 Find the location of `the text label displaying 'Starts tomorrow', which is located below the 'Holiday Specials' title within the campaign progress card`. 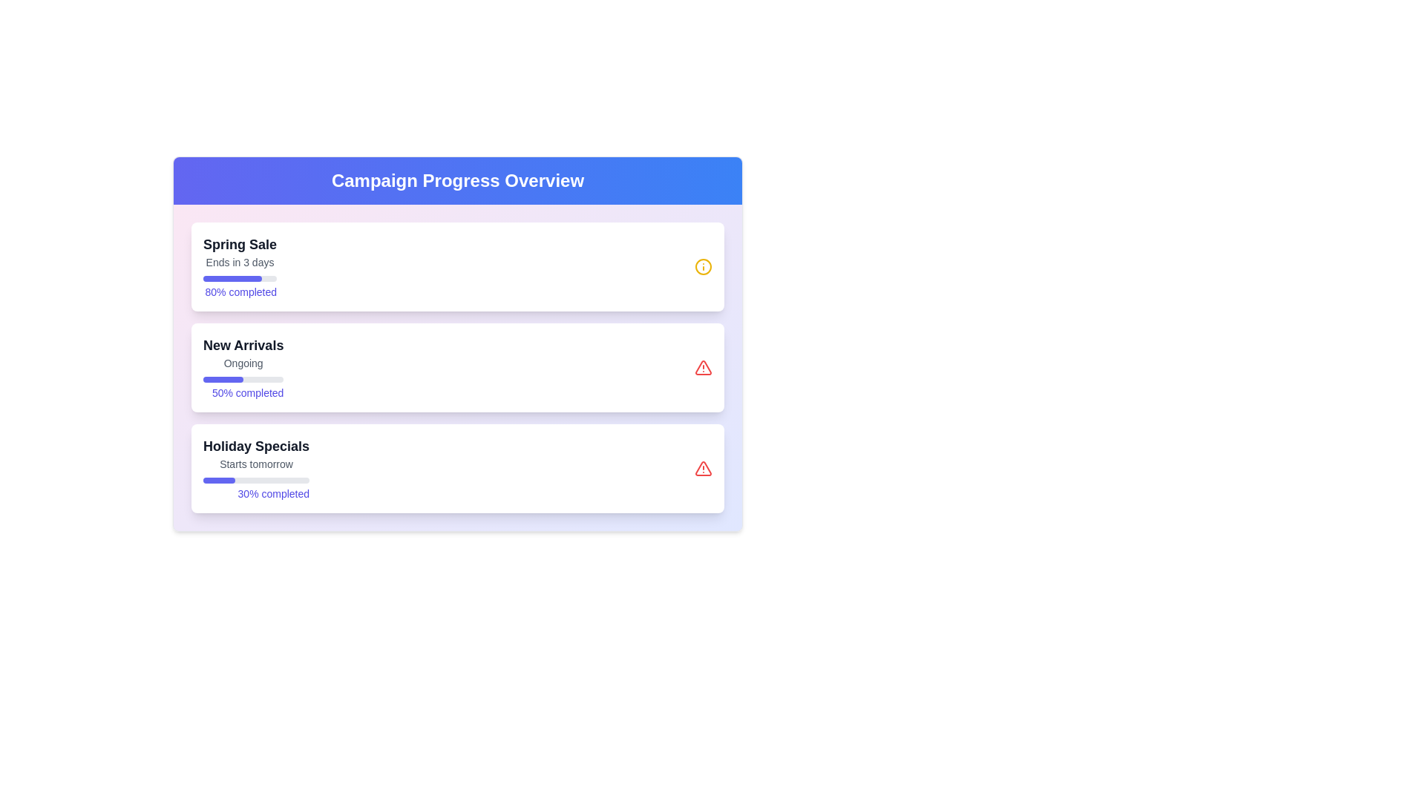

the text label displaying 'Starts tomorrow', which is located below the 'Holiday Specials' title within the campaign progress card is located at coordinates (256, 463).